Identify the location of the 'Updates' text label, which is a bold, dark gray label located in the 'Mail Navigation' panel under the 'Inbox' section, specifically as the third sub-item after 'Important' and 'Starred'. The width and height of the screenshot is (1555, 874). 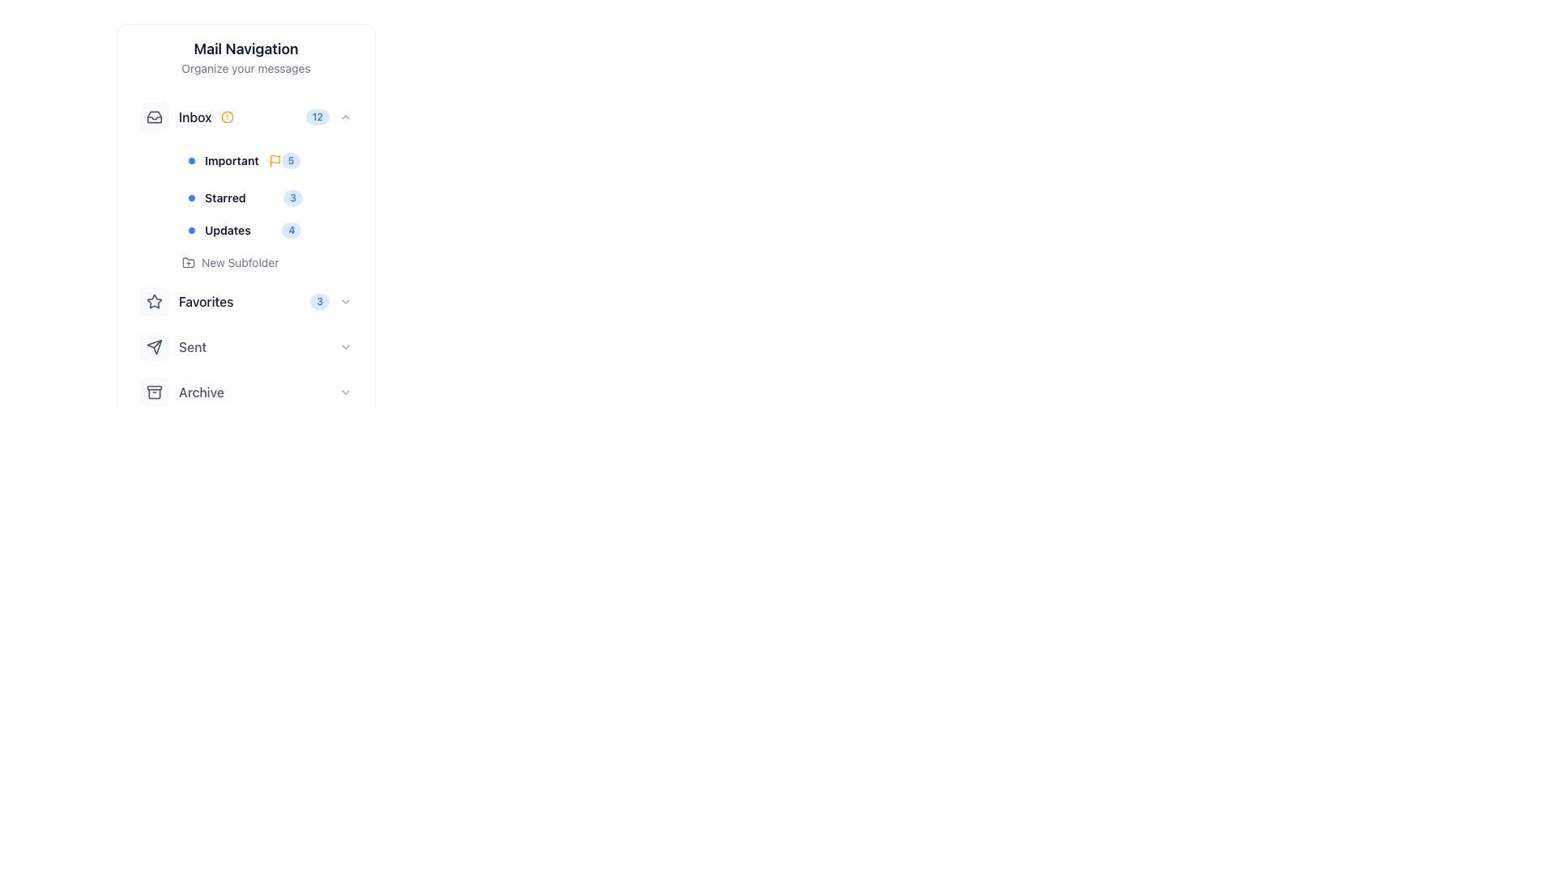
(227, 231).